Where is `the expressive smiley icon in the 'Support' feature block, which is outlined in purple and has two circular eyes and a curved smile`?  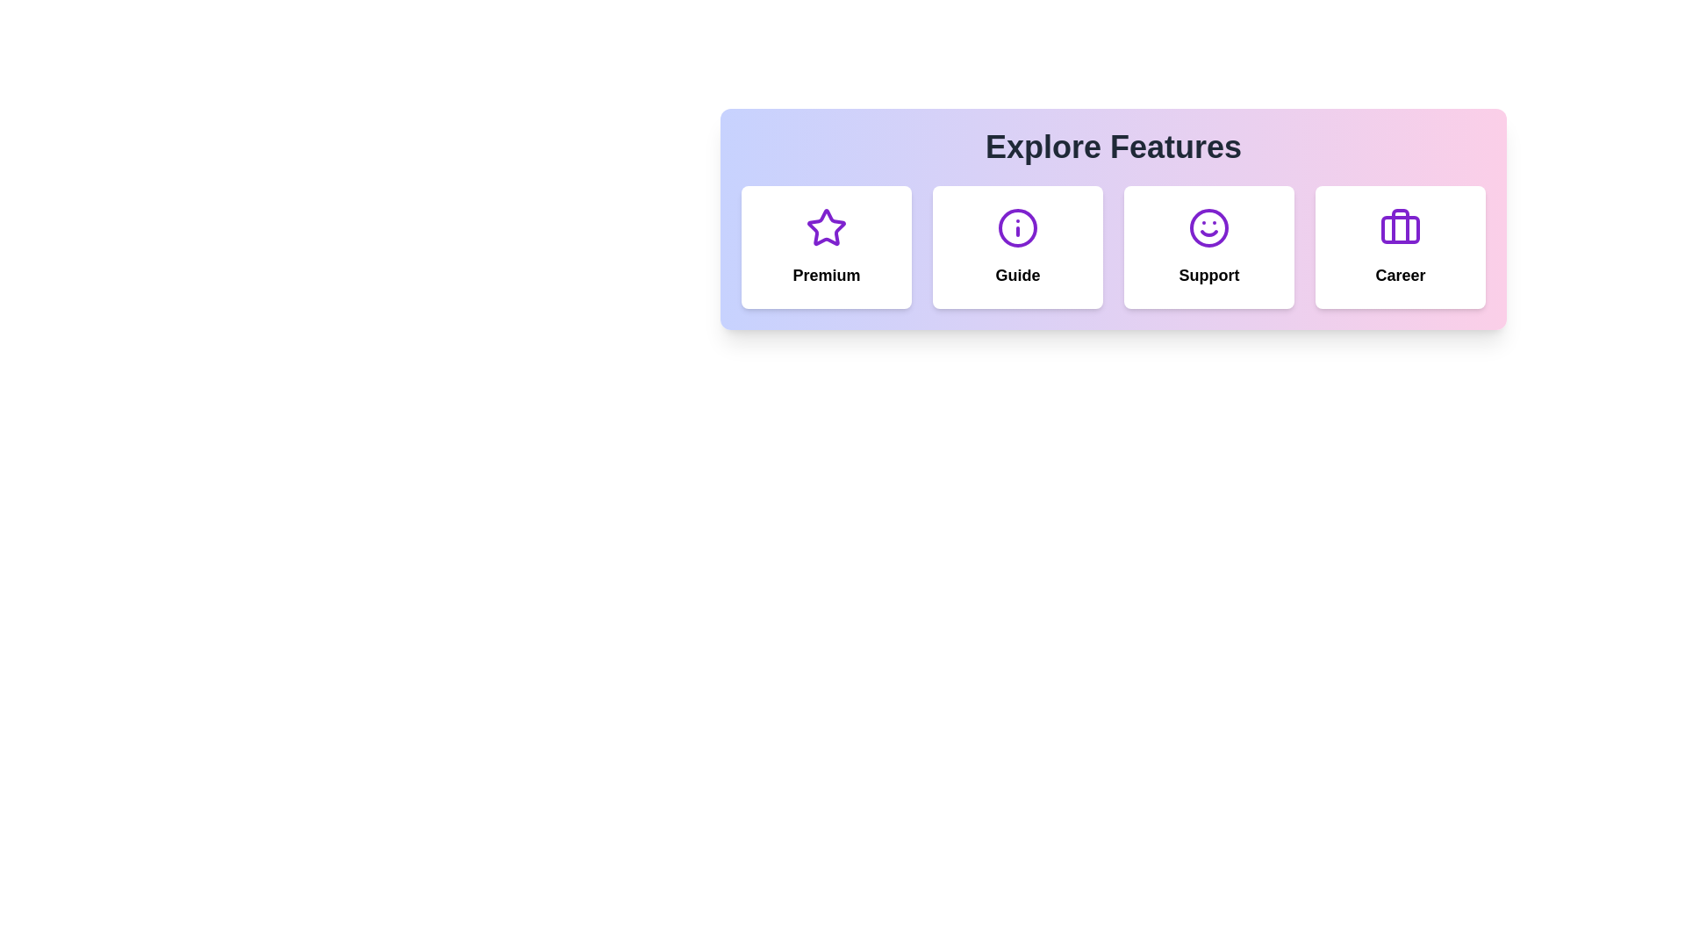 the expressive smiley icon in the 'Support' feature block, which is outlined in purple and has two circular eyes and a curved smile is located at coordinates (1208, 226).